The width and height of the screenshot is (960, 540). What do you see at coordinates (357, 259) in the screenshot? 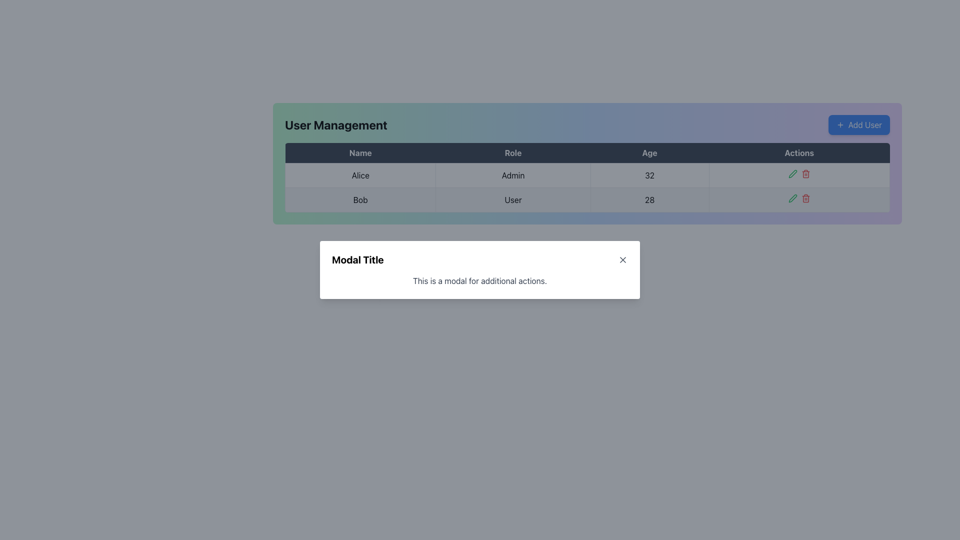
I see `the textual heading displaying 'Modal Title' in bold font and large size, located in the top-left corner of the modal header` at bounding box center [357, 259].